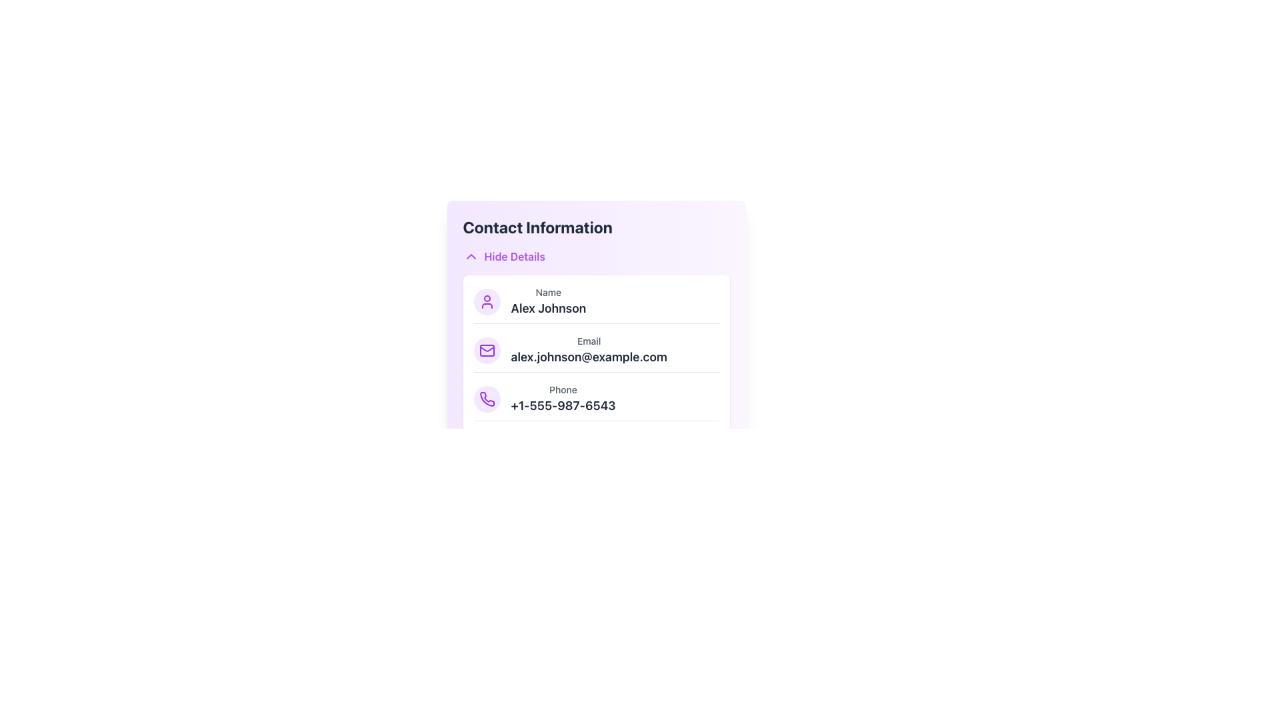 The image size is (1280, 720). I want to click on the small circular icon with a light purple background and a white envelope glyph outlined in purple, located to the left of the email address 'alex.johnson@example.com' in the 'Email' section of the contact information card, so click(486, 349).